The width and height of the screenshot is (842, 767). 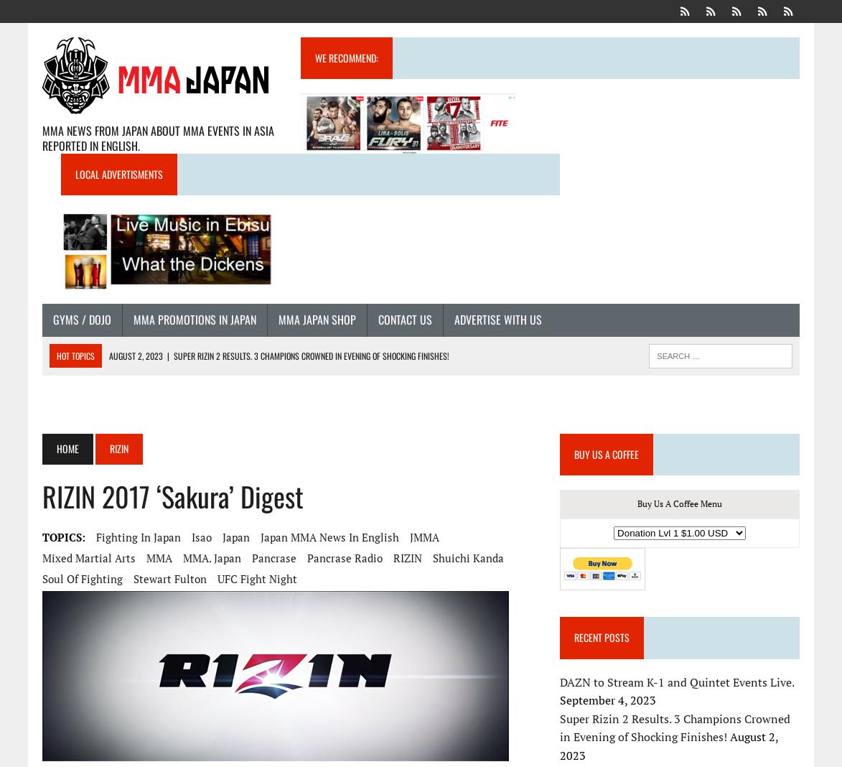 I want to click on 'Mixed Martial Arts', so click(x=41, y=557).